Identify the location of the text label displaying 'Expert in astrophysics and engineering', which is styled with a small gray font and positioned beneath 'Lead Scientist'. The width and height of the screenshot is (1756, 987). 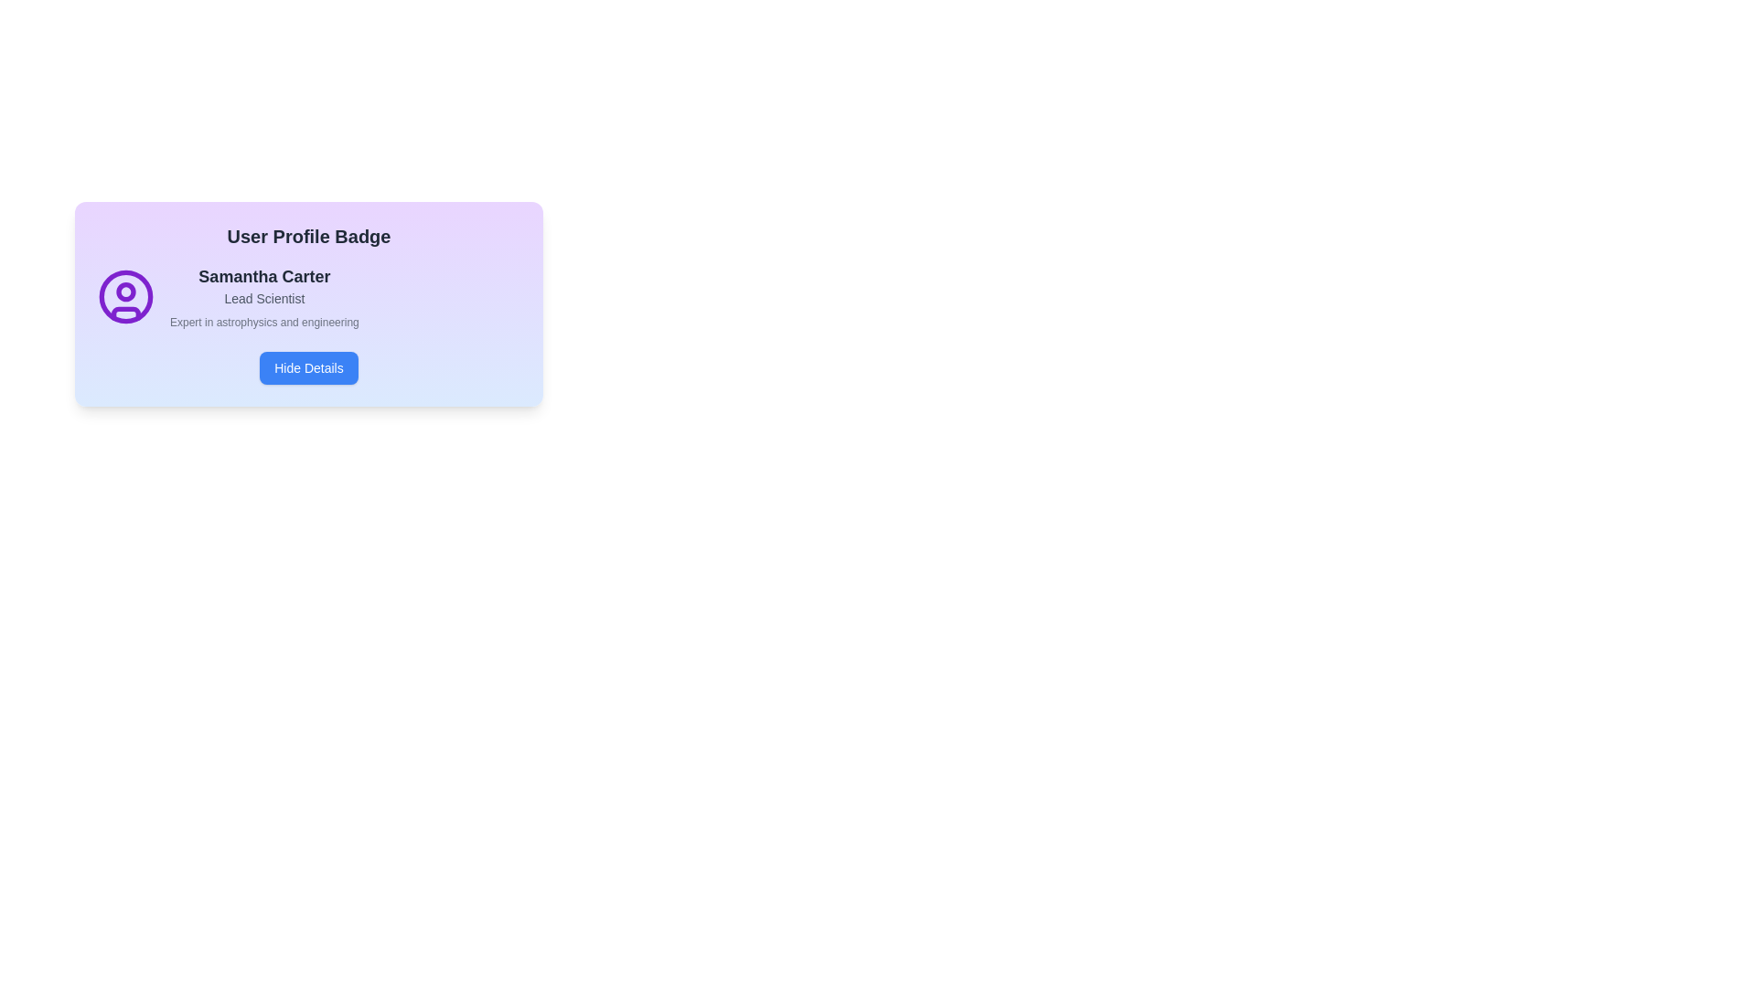
(263, 322).